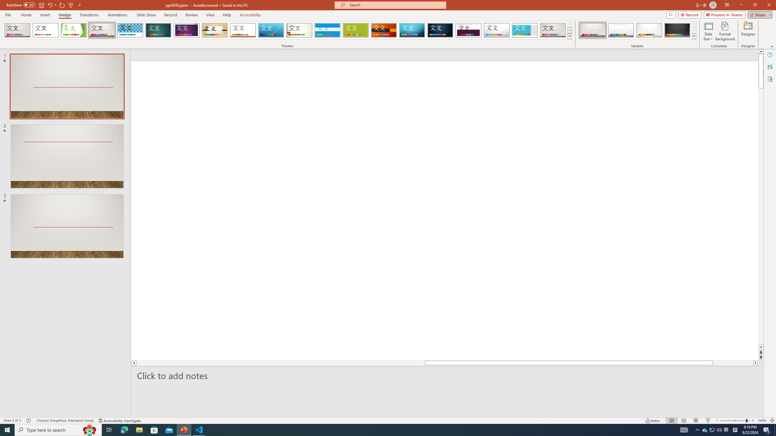 This screenshot has width=776, height=436. What do you see at coordinates (327, 30) in the screenshot?
I see `'Banded'` at bounding box center [327, 30].